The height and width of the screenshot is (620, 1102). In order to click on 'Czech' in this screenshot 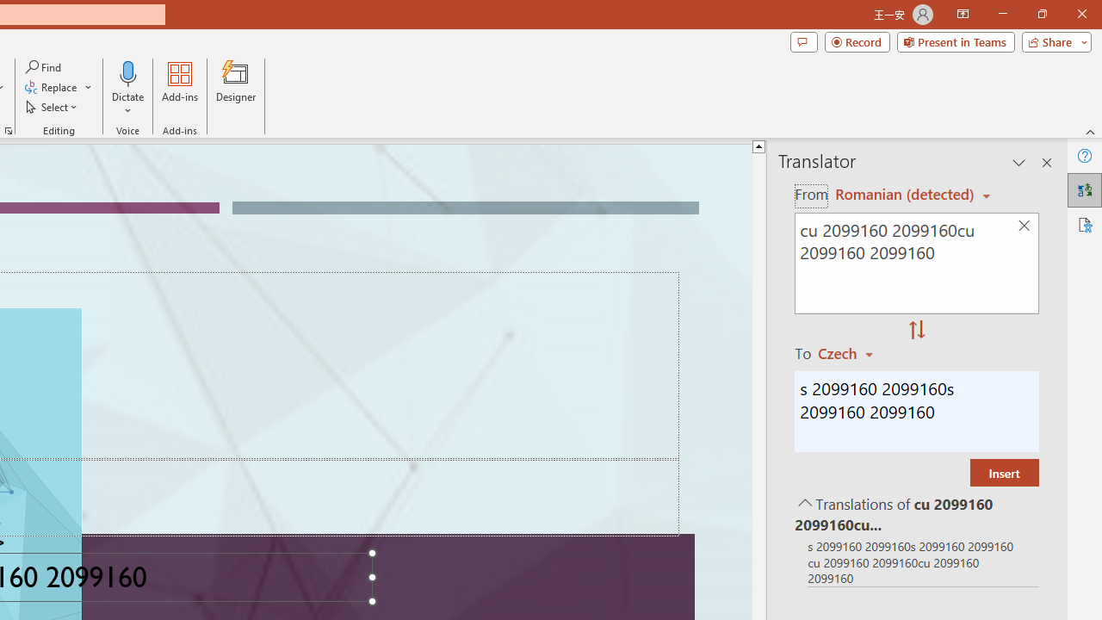, I will do `click(853, 352)`.